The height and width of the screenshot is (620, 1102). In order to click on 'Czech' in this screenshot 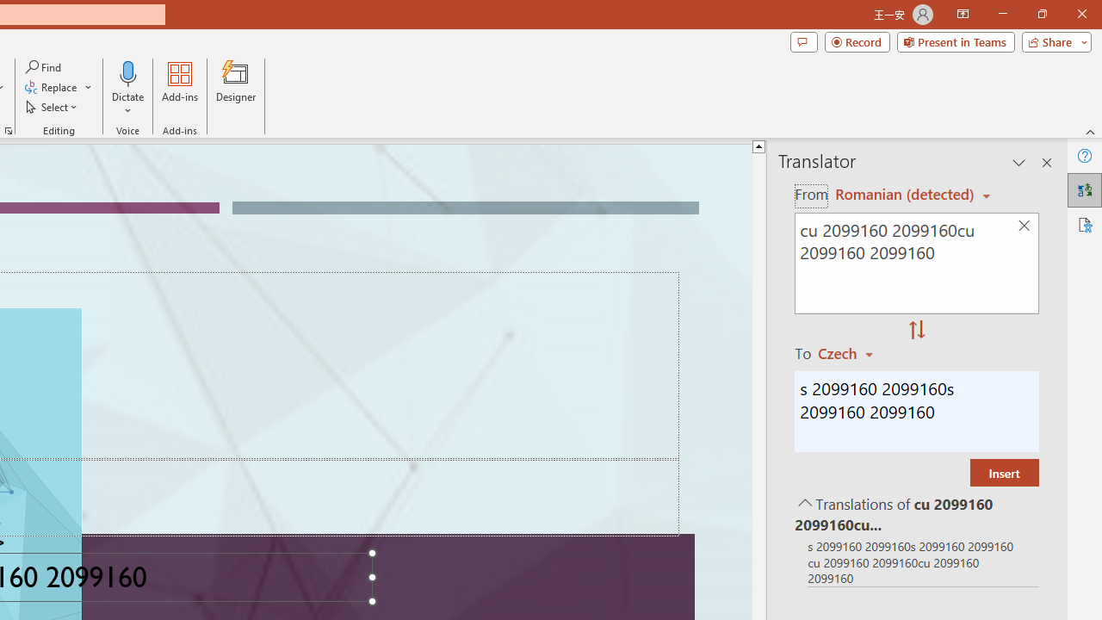, I will do `click(853, 352)`.